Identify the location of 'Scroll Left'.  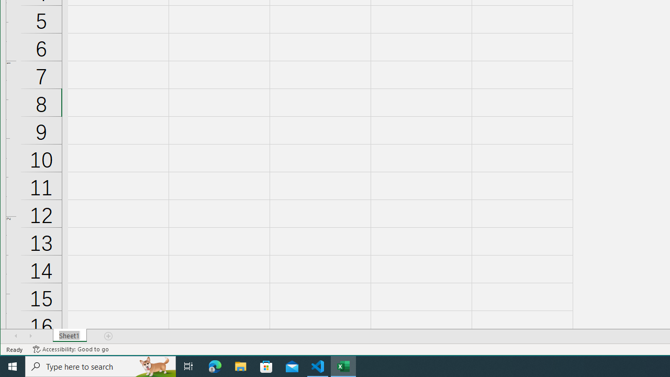
(16, 336).